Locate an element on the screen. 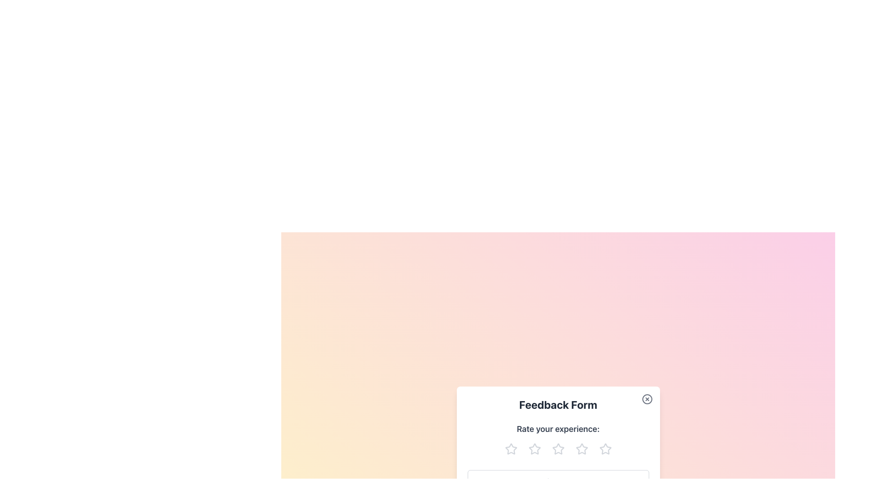 This screenshot has width=871, height=490. the second star-shaped icon in the rating system is located at coordinates (534, 449).